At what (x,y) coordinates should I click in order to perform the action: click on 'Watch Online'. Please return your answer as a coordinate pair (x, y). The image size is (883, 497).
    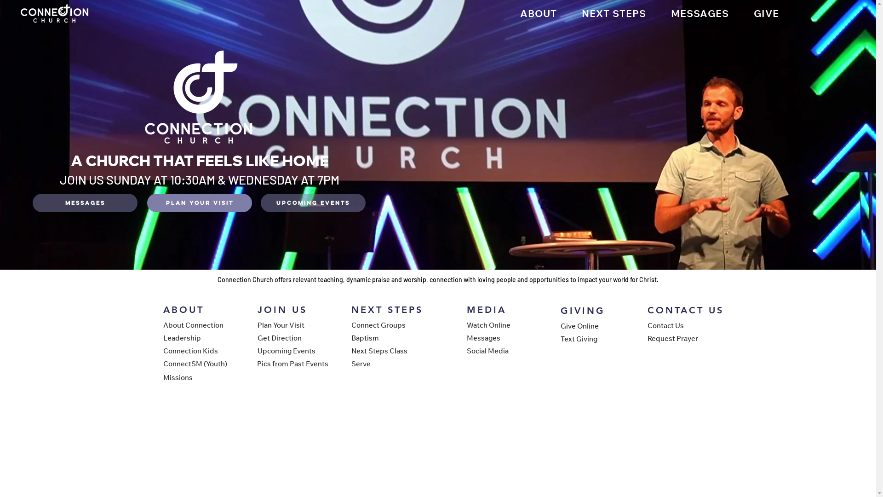
    Looking at the image, I should click on (498, 324).